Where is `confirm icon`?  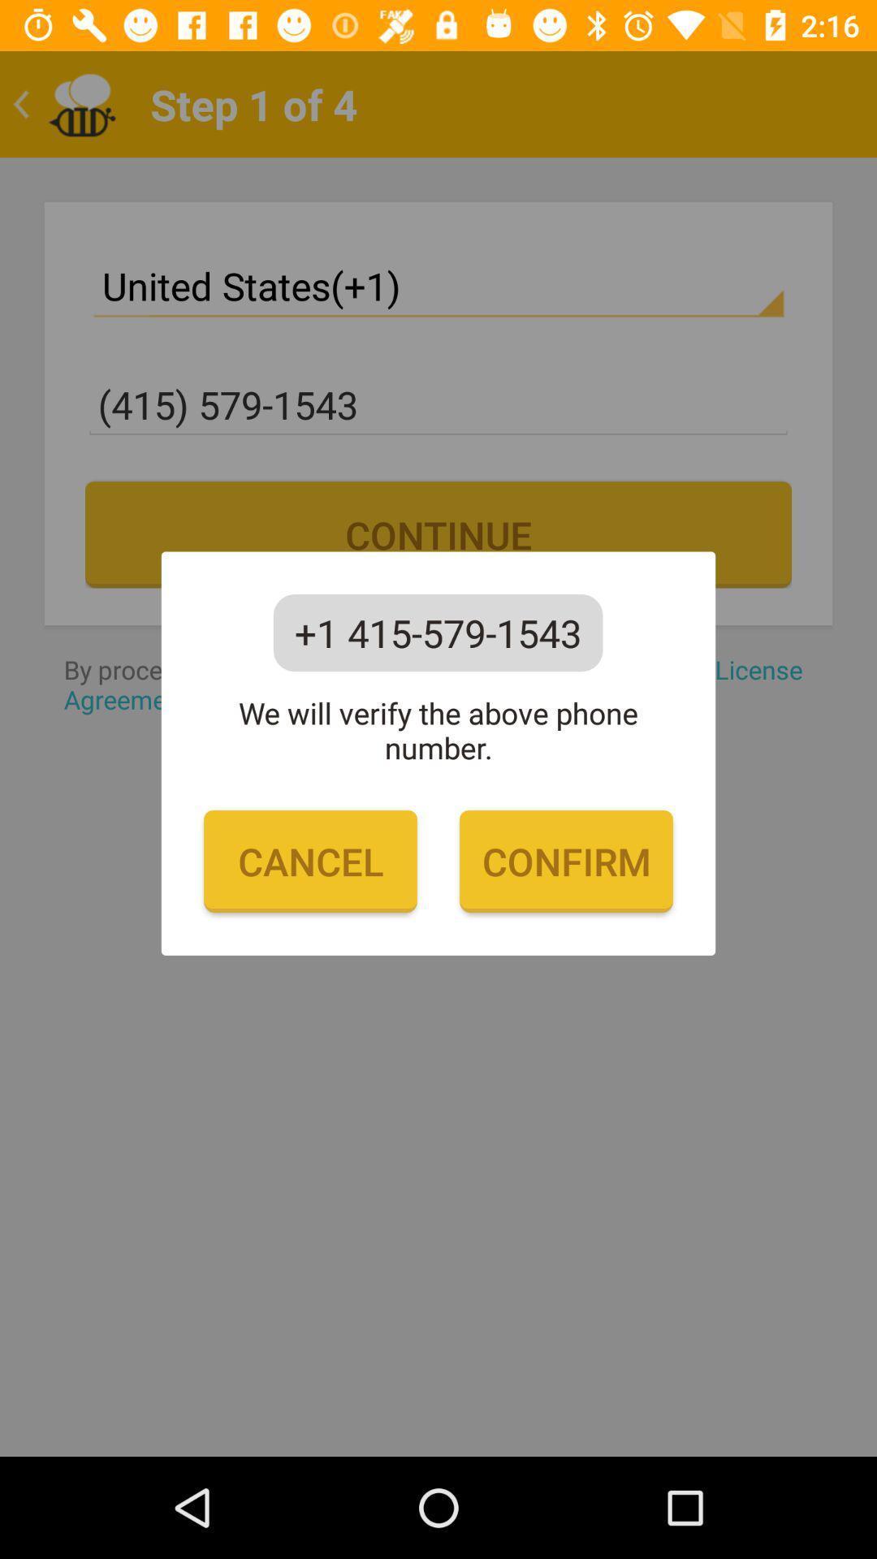 confirm icon is located at coordinates (565, 861).